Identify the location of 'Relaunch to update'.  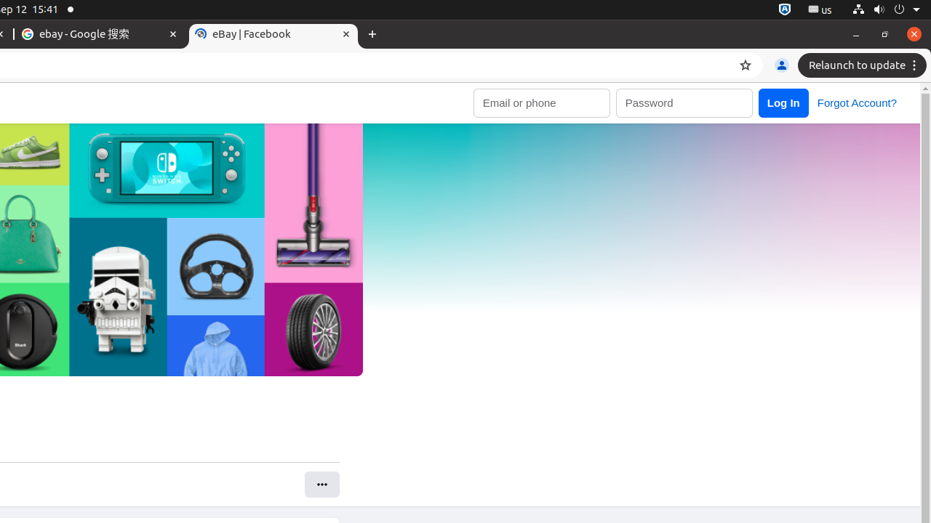
(864, 65).